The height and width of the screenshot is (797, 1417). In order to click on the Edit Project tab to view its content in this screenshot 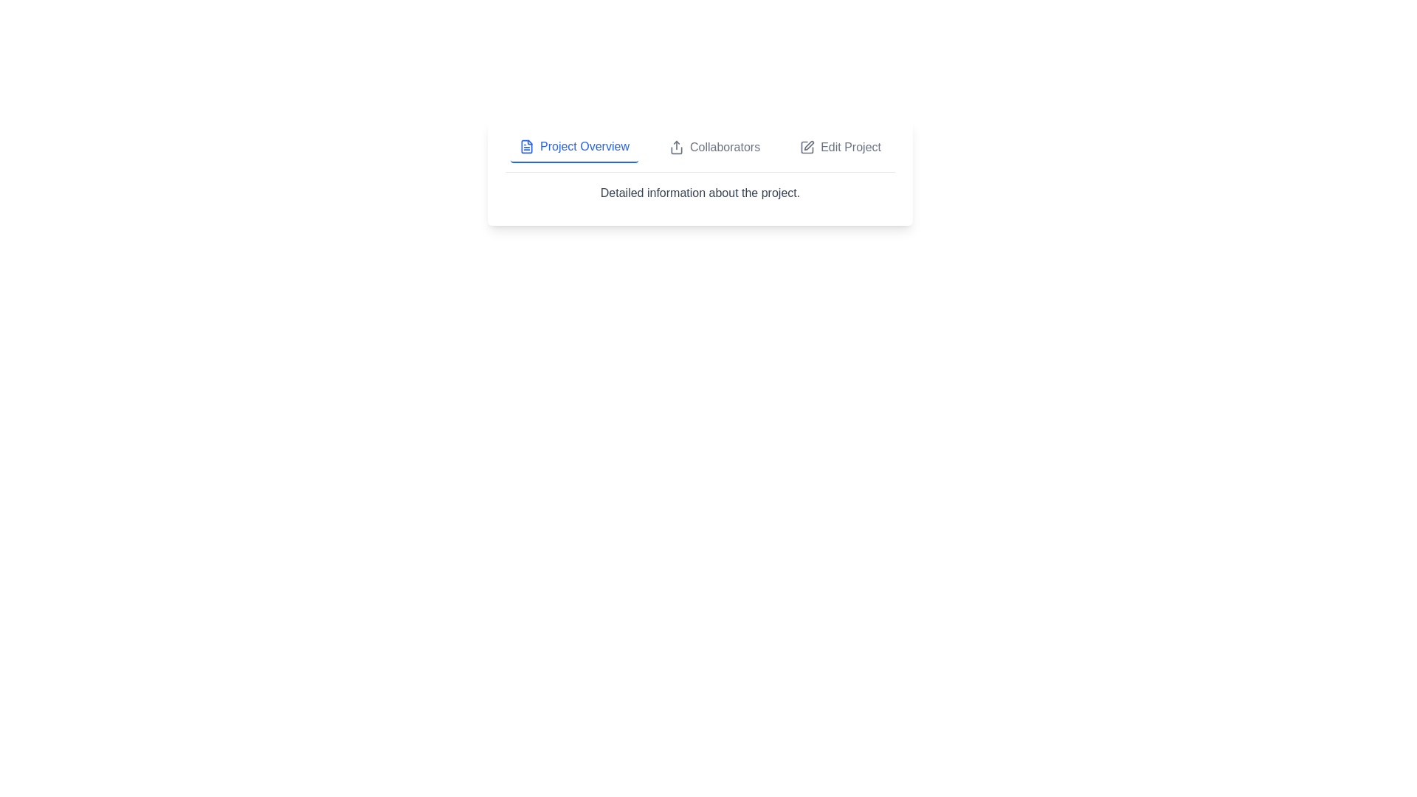, I will do `click(841, 148)`.